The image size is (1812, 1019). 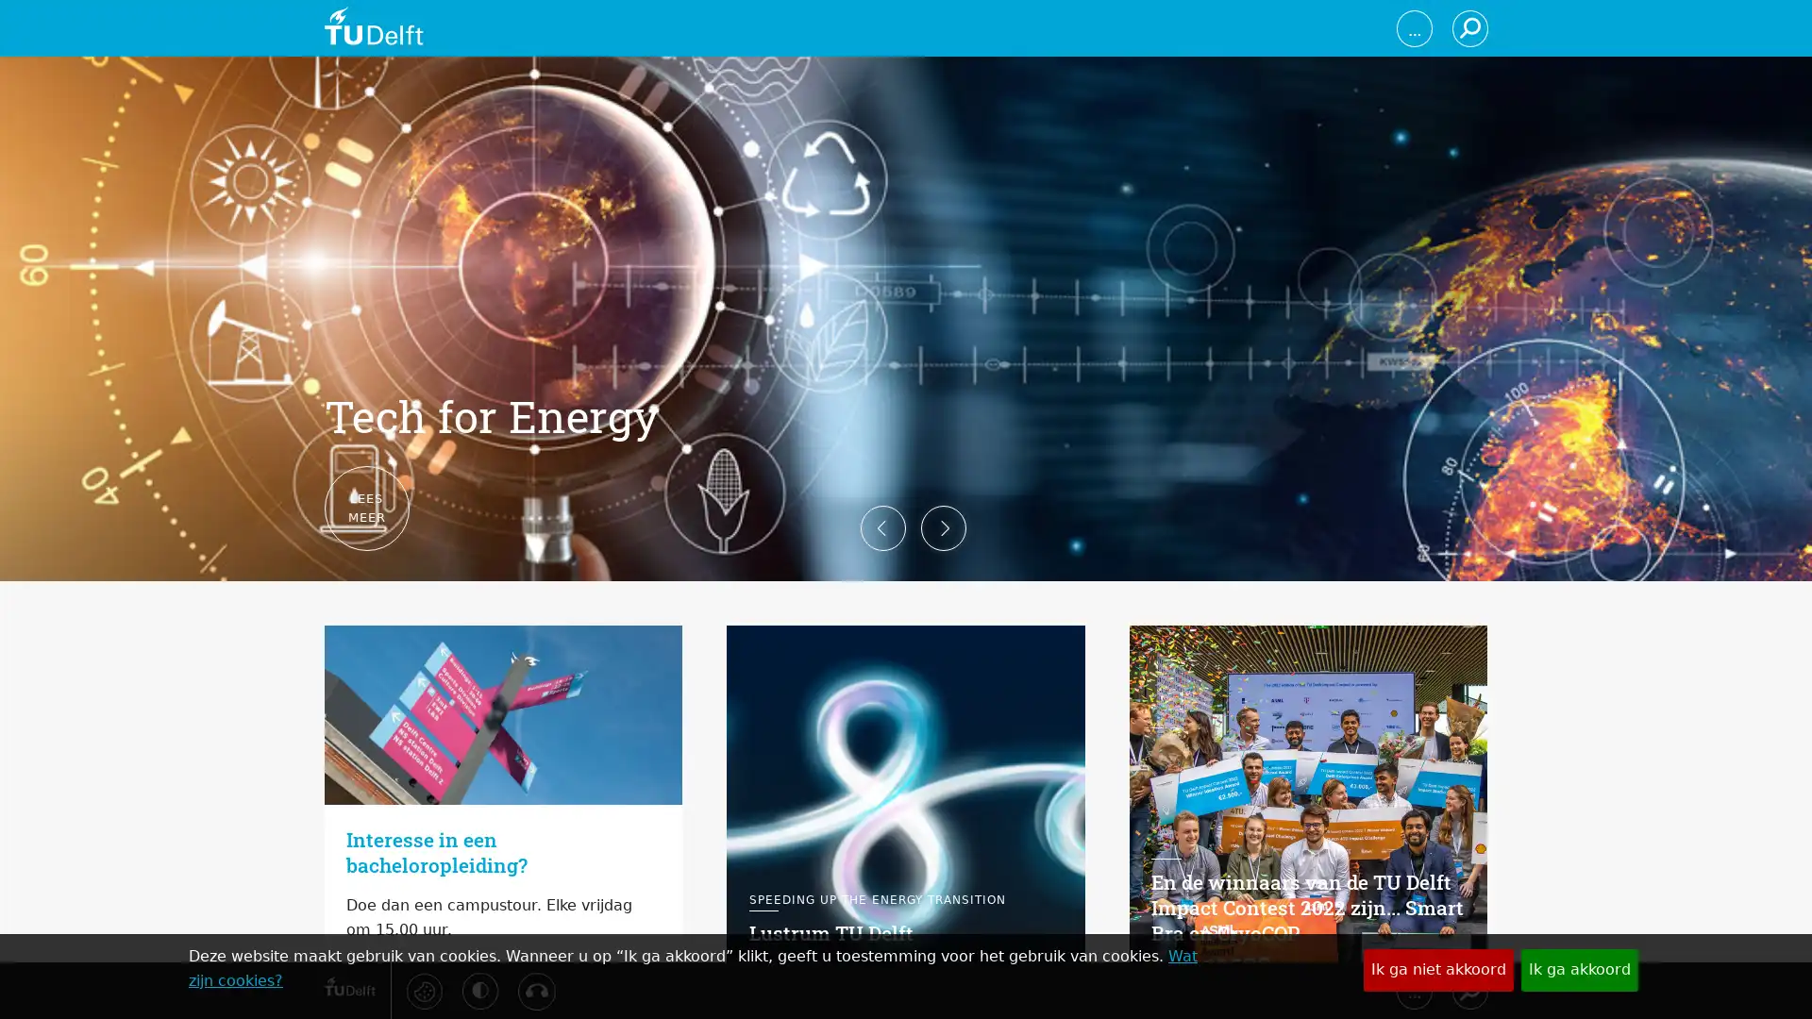 What do you see at coordinates (294, 509) in the screenshot?
I see `Ga naar vorig item` at bounding box center [294, 509].